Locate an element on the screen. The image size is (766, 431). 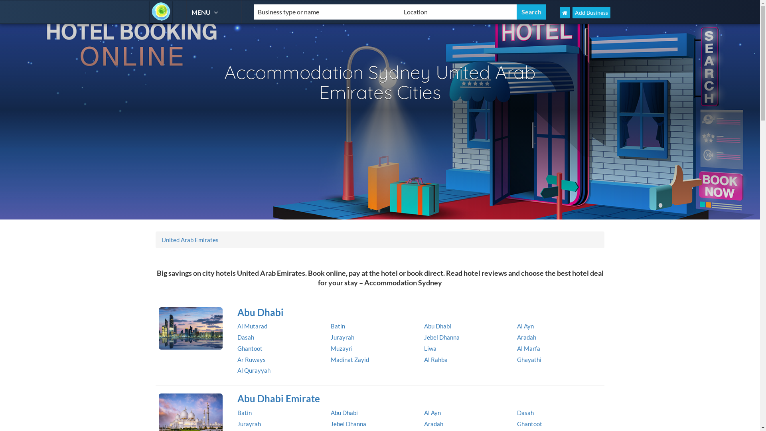
'Batin' is located at coordinates (338, 326).